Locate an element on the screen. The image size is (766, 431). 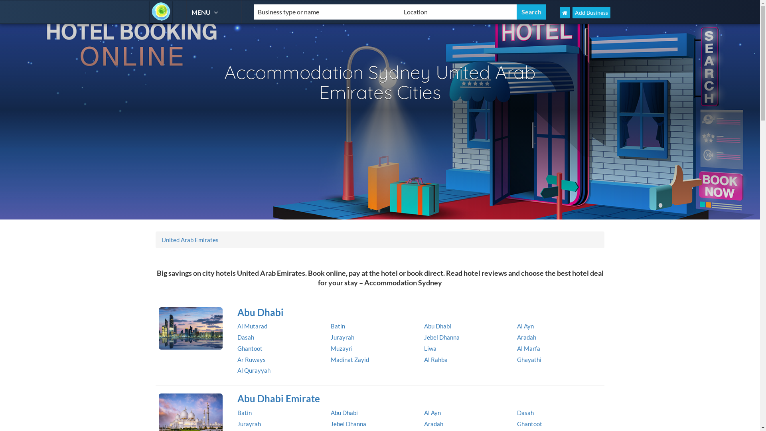
'Batin' is located at coordinates (338, 326).